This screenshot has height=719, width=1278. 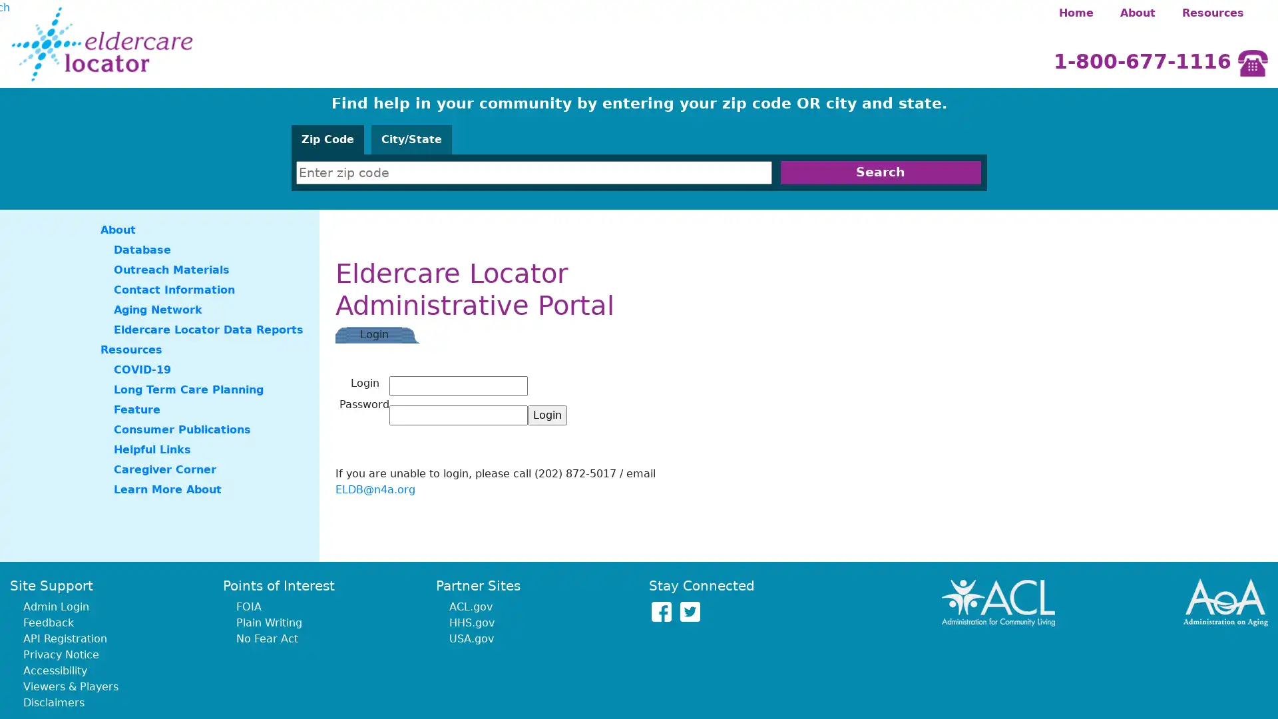 What do you see at coordinates (880, 172) in the screenshot?
I see `Search` at bounding box center [880, 172].